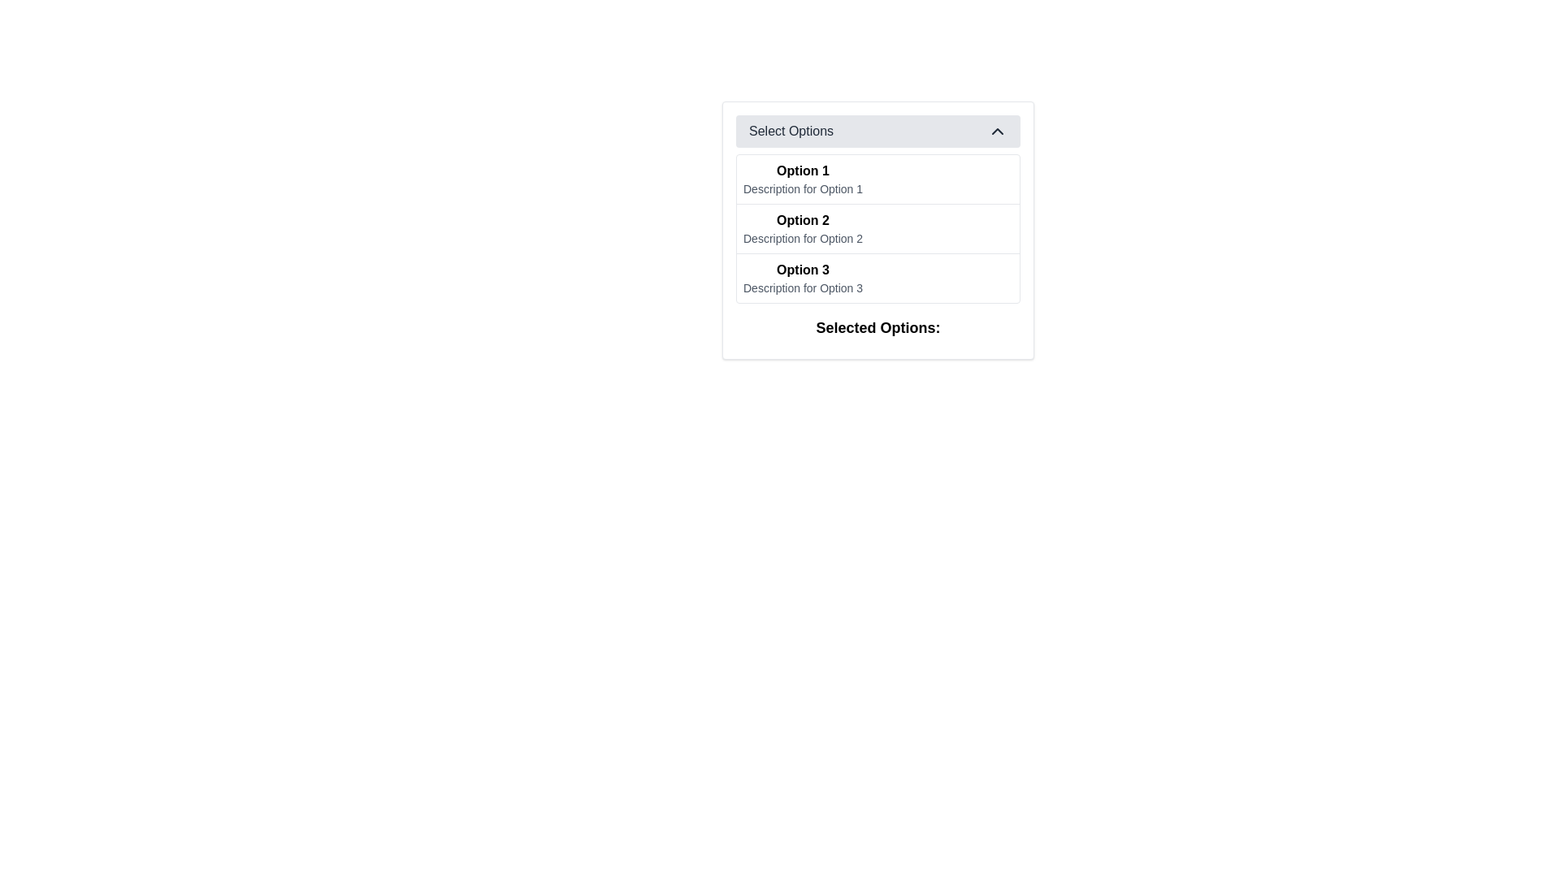  What do you see at coordinates (803, 278) in the screenshot?
I see `description of the list item containing the bold text 'Option 3' and the smaller description 'Description for Option 3' located in a dropdown menu` at bounding box center [803, 278].